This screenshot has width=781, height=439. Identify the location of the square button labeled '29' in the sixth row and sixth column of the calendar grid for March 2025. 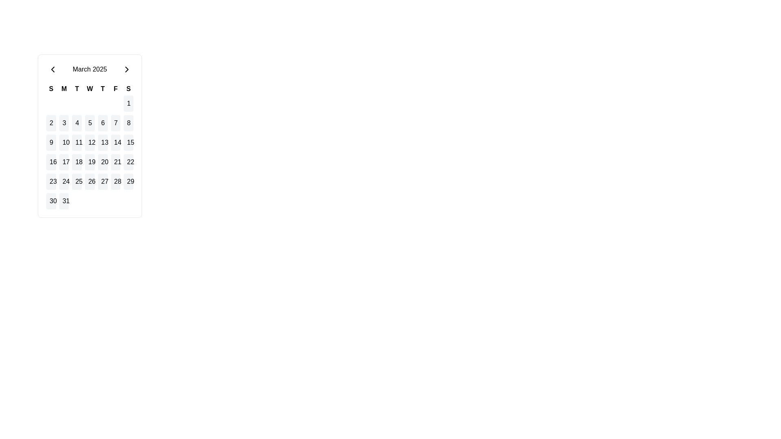
(128, 181).